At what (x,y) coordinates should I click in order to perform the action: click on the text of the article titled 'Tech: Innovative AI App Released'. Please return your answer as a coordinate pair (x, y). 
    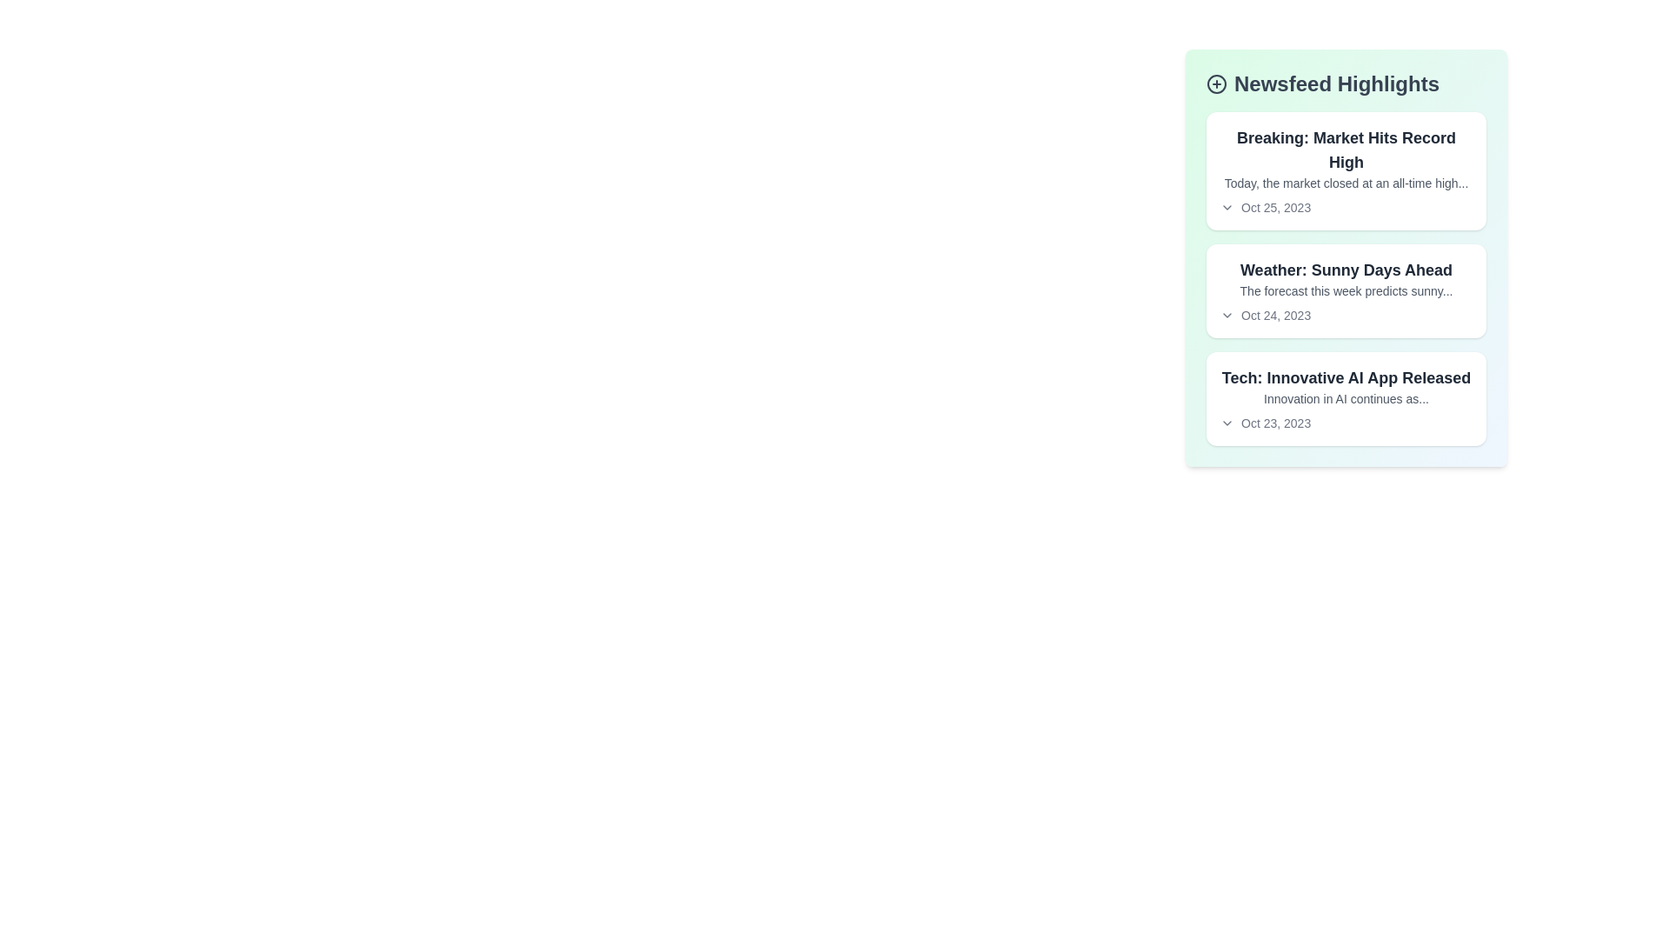
    Looking at the image, I should click on (1346, 377).